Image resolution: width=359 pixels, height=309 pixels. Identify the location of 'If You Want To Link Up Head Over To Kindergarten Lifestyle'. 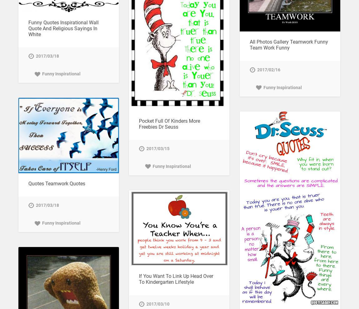
(176, 279).